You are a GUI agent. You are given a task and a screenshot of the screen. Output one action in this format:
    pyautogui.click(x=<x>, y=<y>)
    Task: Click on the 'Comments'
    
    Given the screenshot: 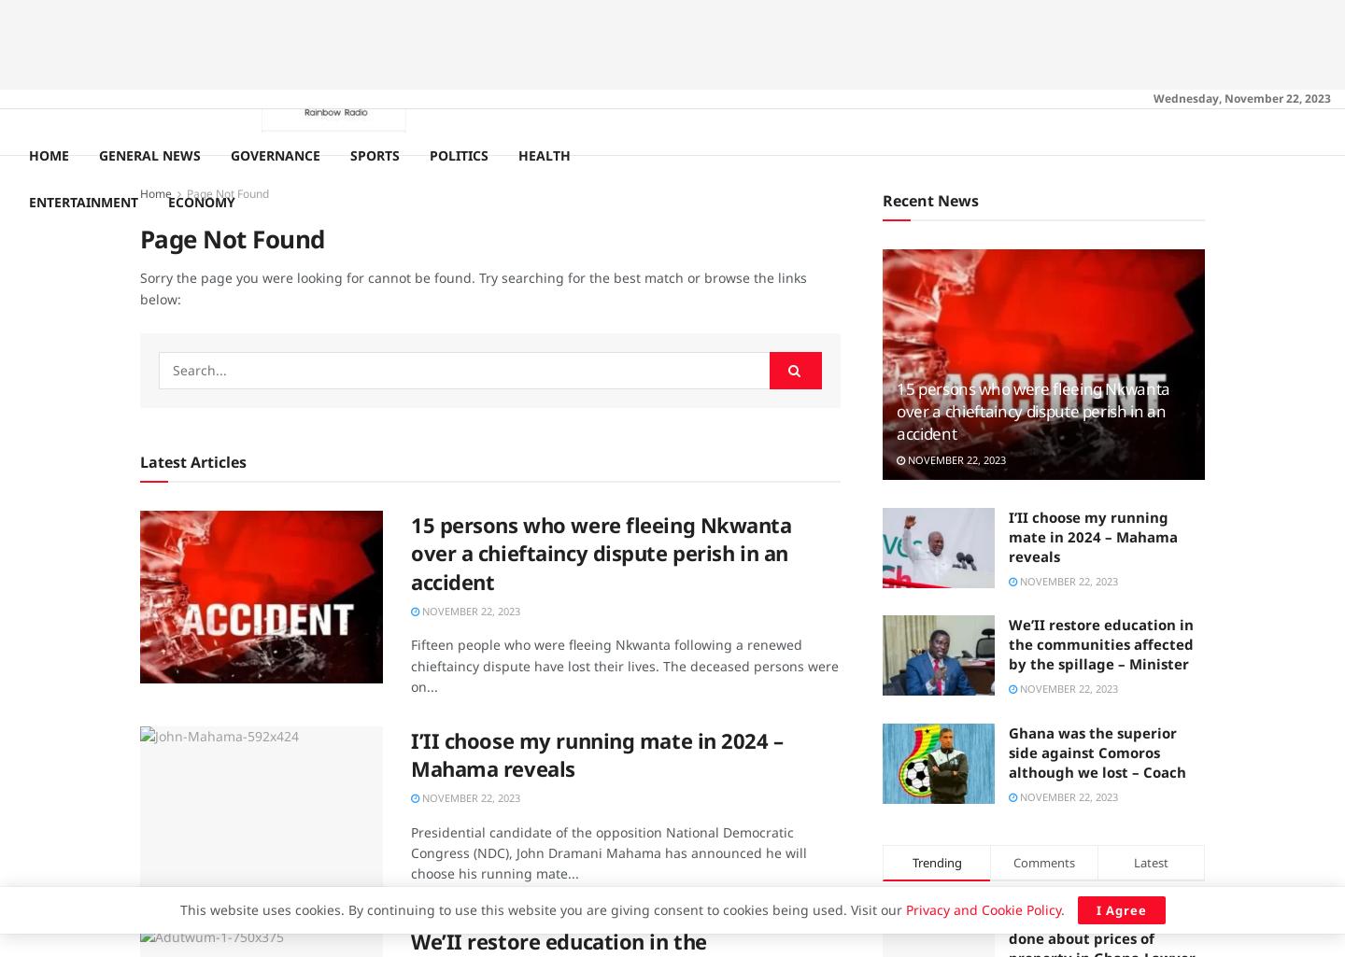 What is the action you would take?
    pyautogui.click(x=1043, y=862)
    